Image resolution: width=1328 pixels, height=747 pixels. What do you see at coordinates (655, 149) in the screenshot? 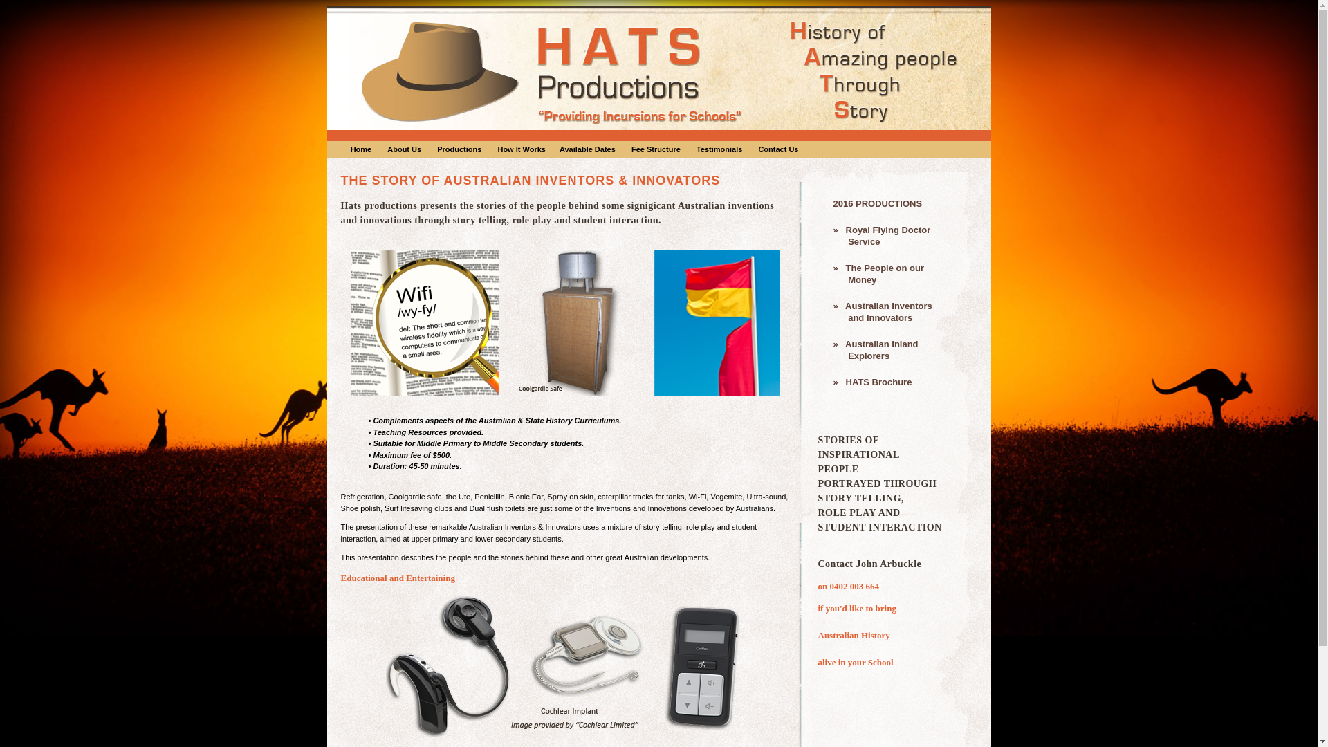
I see `'Fee Structure'` at bounding box center [655, 149].